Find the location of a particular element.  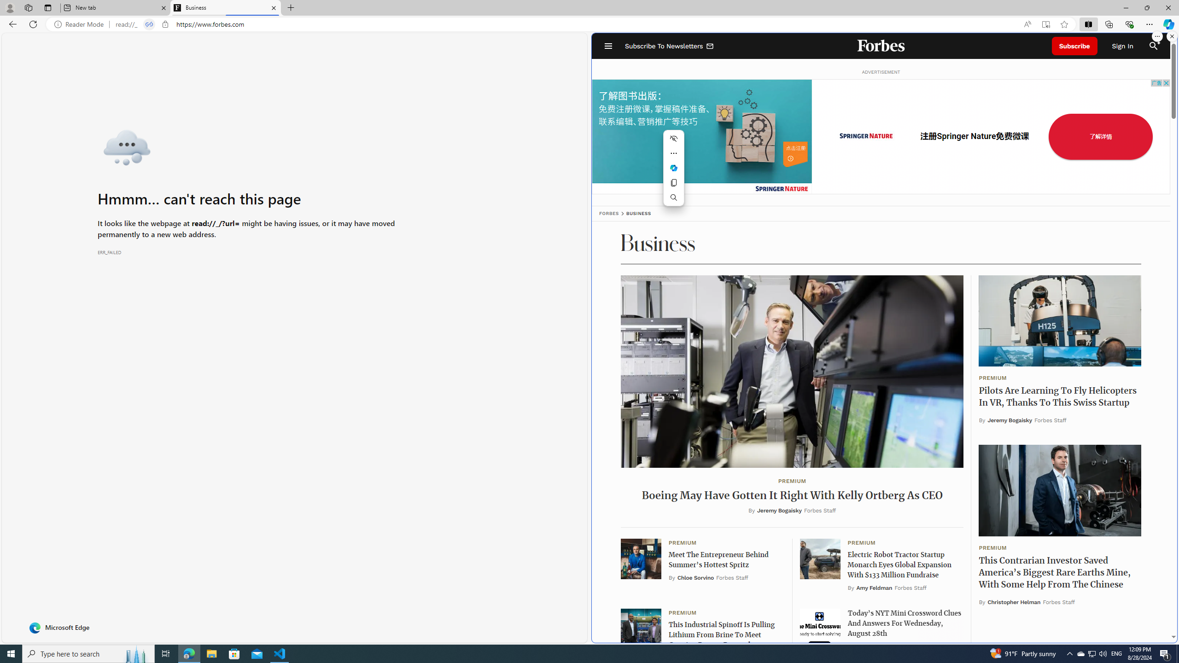

'More options.' is located at coordinates (1156, 36).